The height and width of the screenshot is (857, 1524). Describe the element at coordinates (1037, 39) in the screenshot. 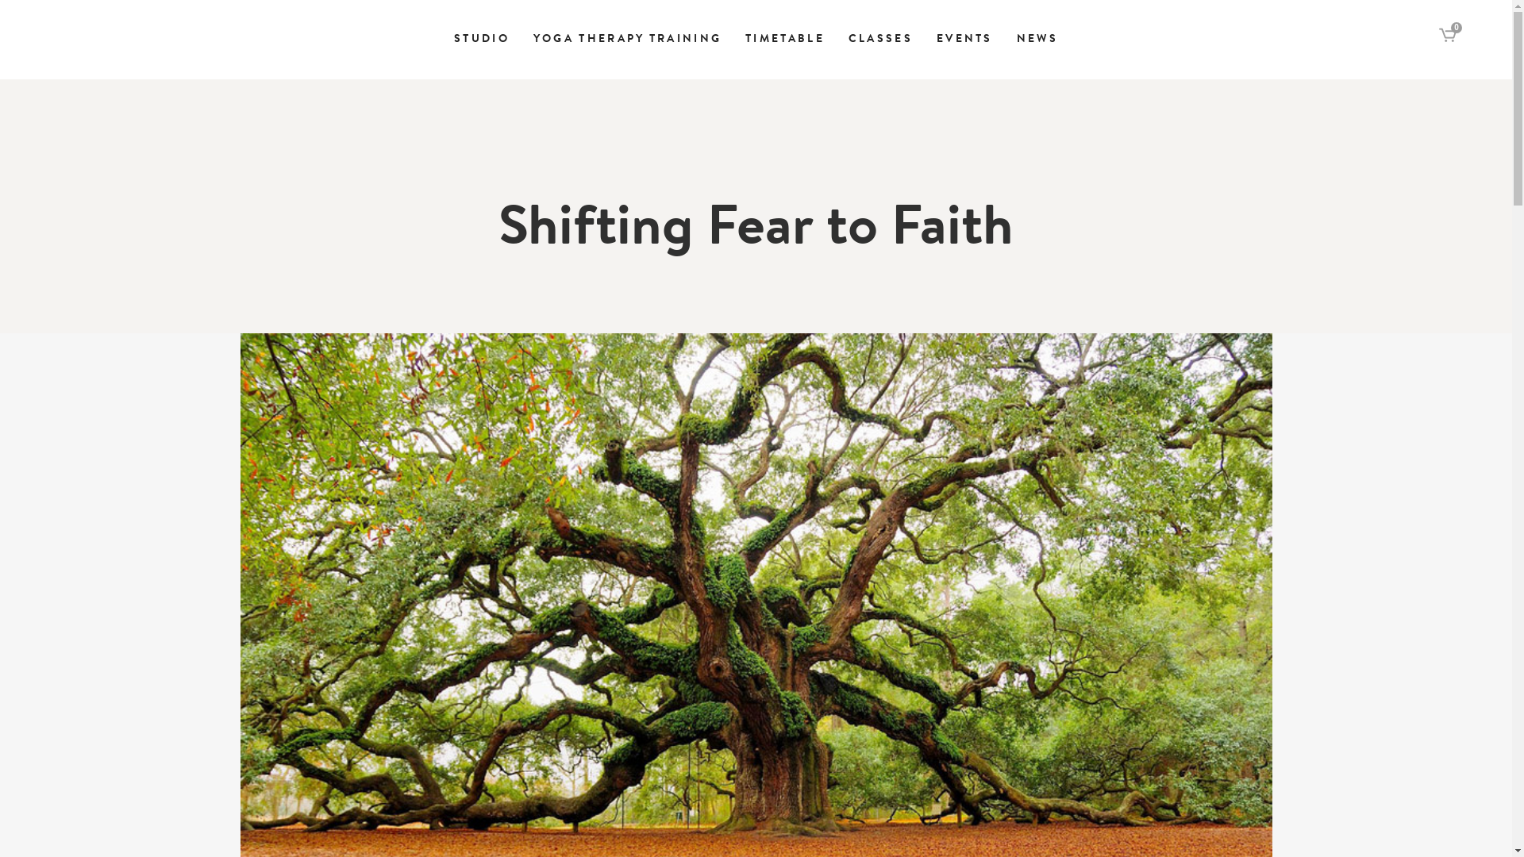

I see `'NEWS'` at that location.